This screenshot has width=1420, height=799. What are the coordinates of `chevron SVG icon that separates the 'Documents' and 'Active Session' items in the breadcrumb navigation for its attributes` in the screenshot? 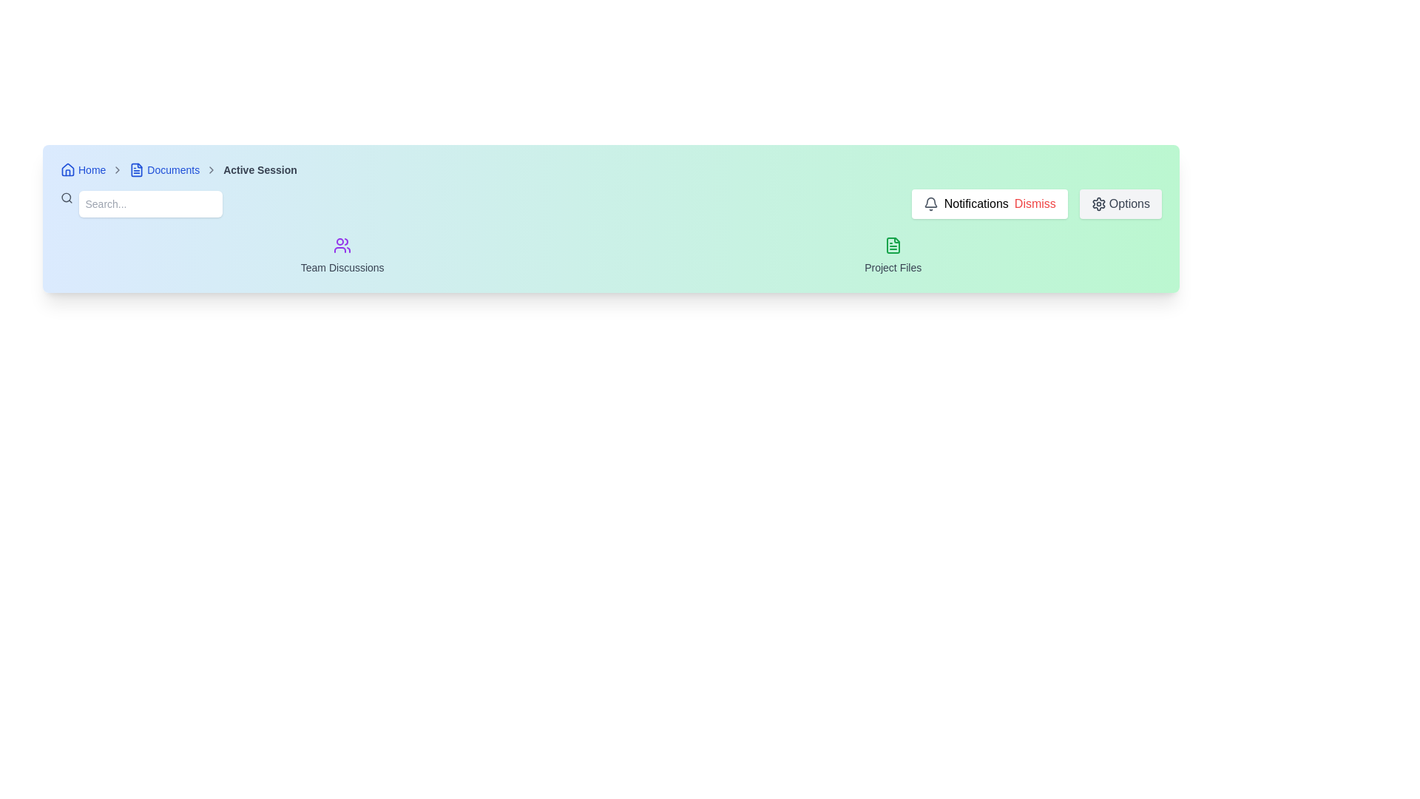 It's located at (211, 169).